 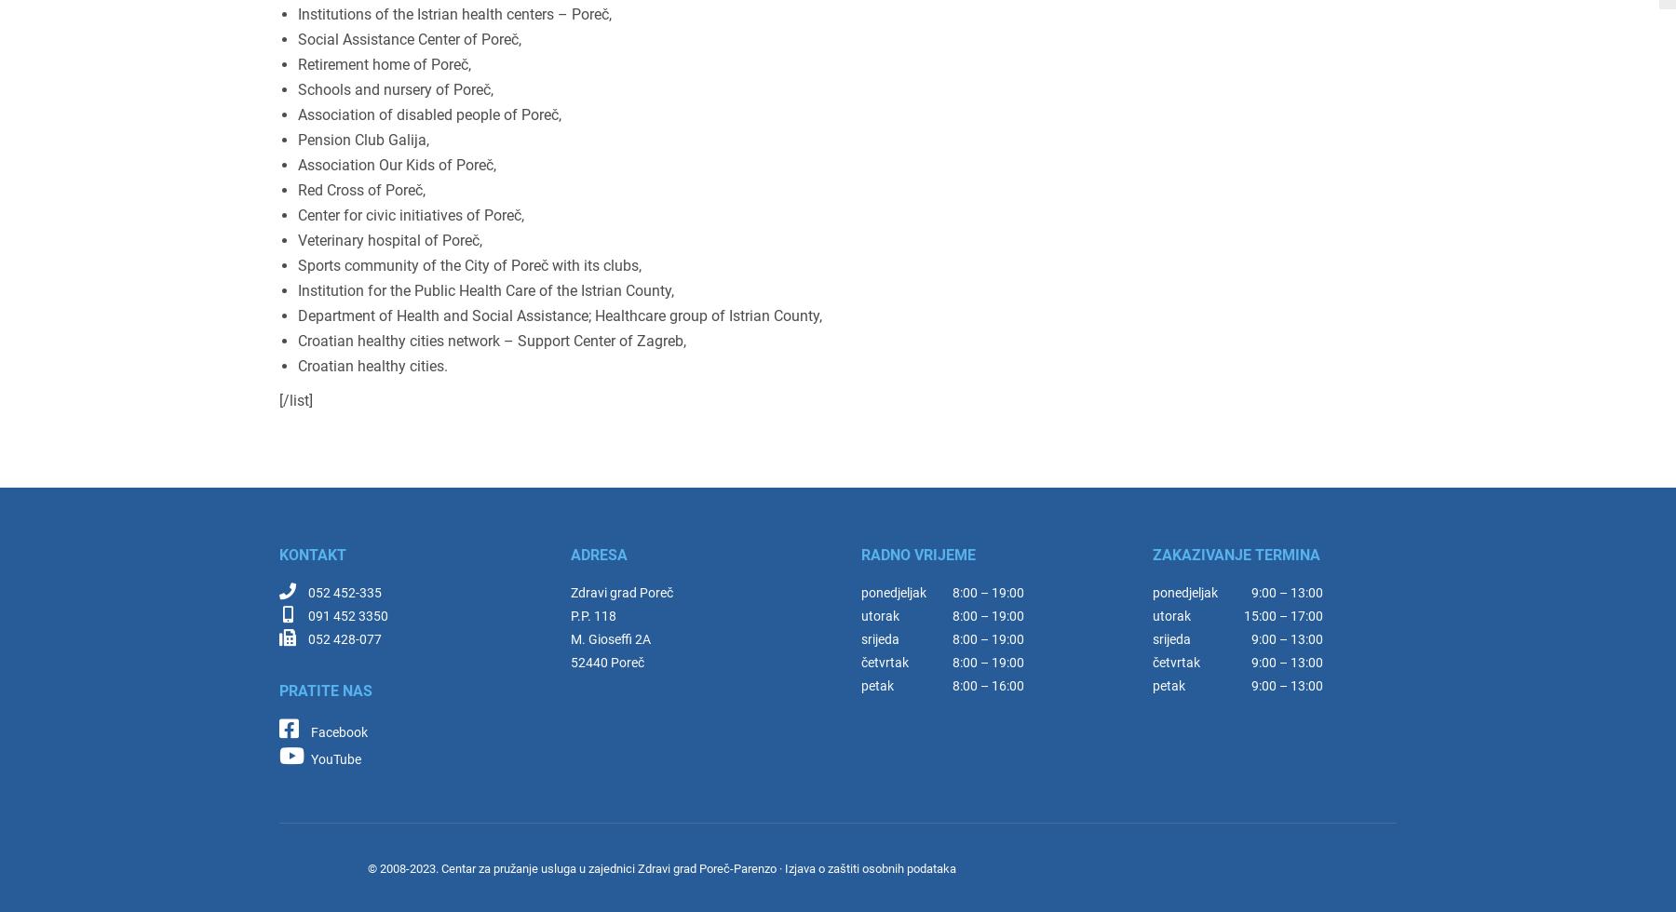 I want to click on 'PRATITE NAS', so click(x=325, y=691).